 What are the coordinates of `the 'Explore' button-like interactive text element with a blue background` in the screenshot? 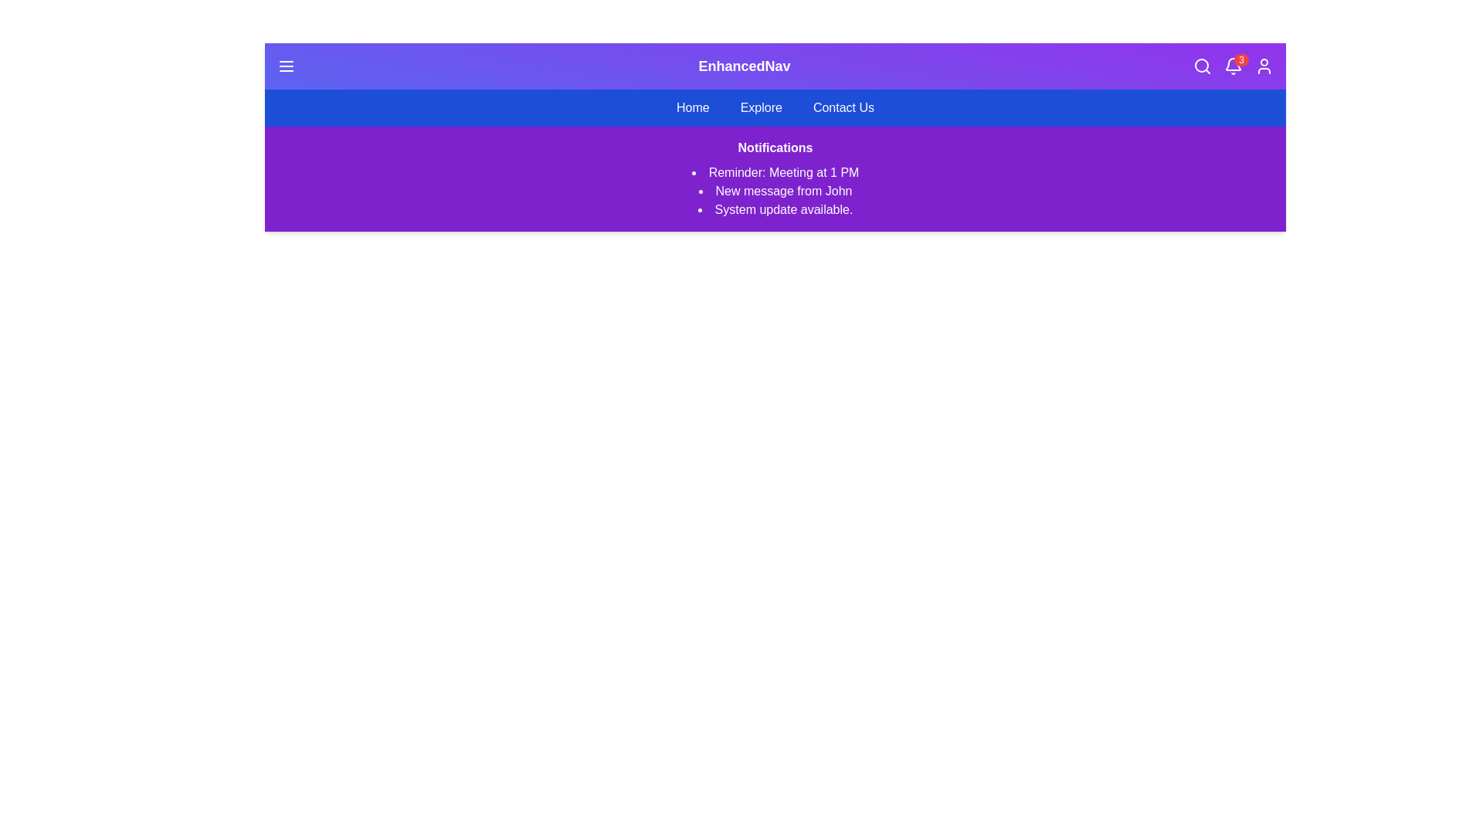 It's located at (761, 107).